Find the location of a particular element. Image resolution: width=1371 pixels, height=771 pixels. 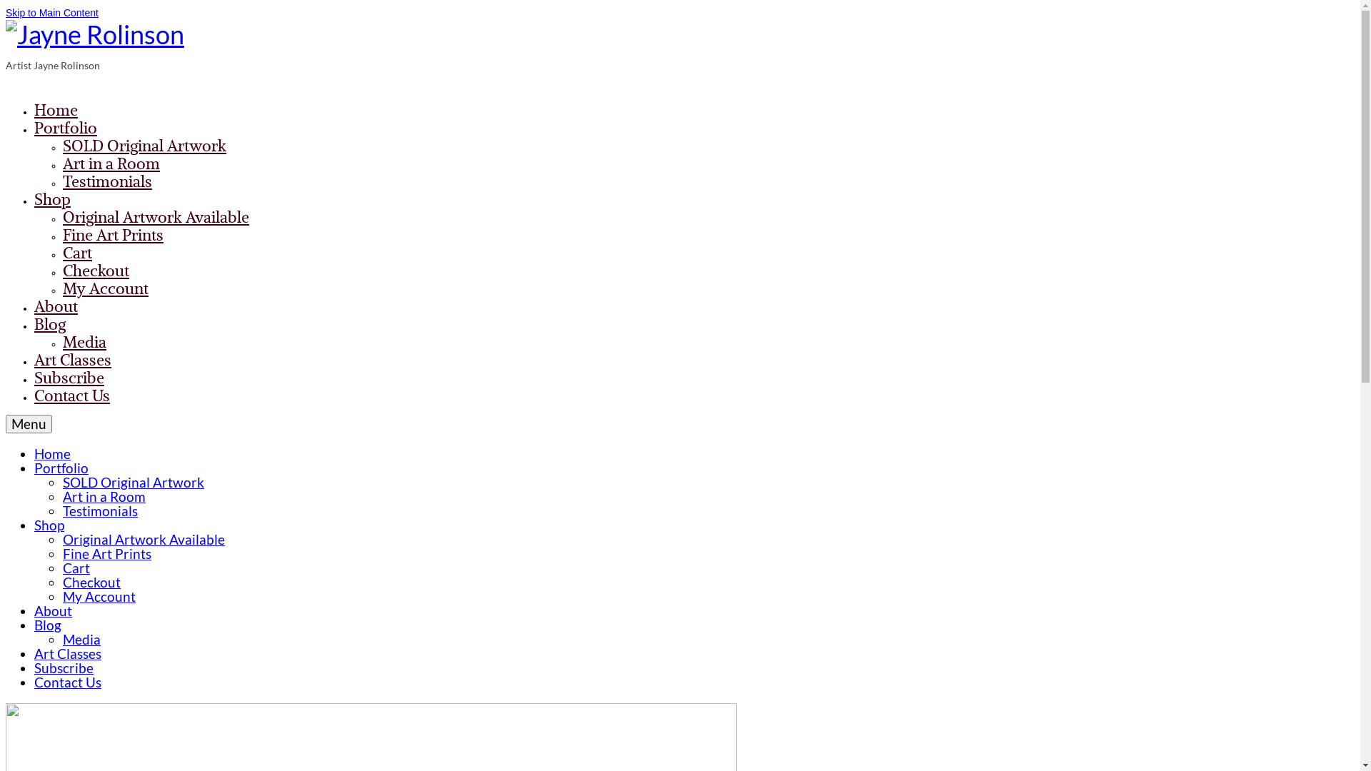

'Contact Us' is located at coordinates (34, 395).